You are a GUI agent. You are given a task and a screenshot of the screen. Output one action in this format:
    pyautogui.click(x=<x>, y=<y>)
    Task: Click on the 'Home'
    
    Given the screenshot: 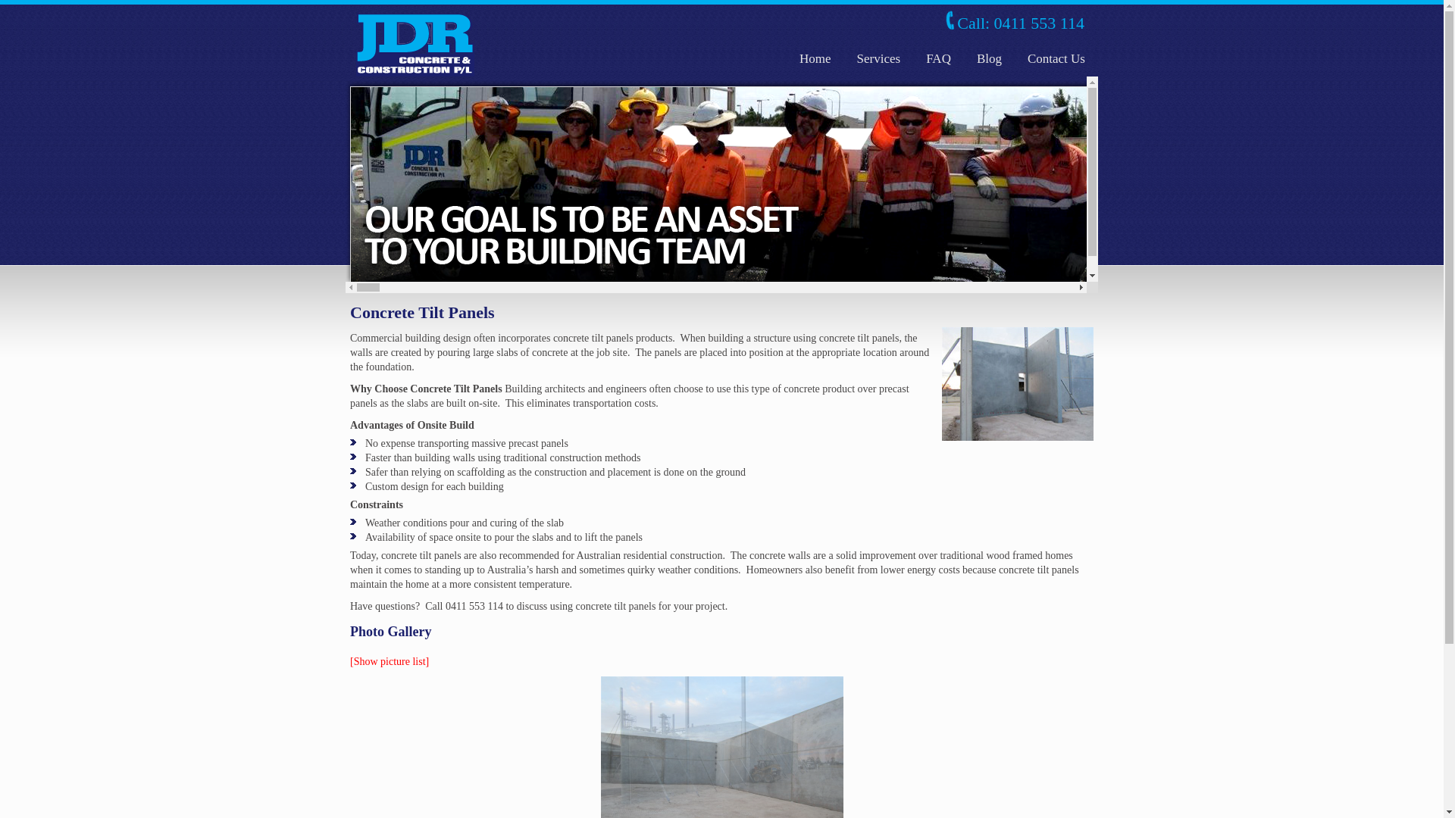 What is the action you would take?
    pyautogui.click(x=814, y=58)
    